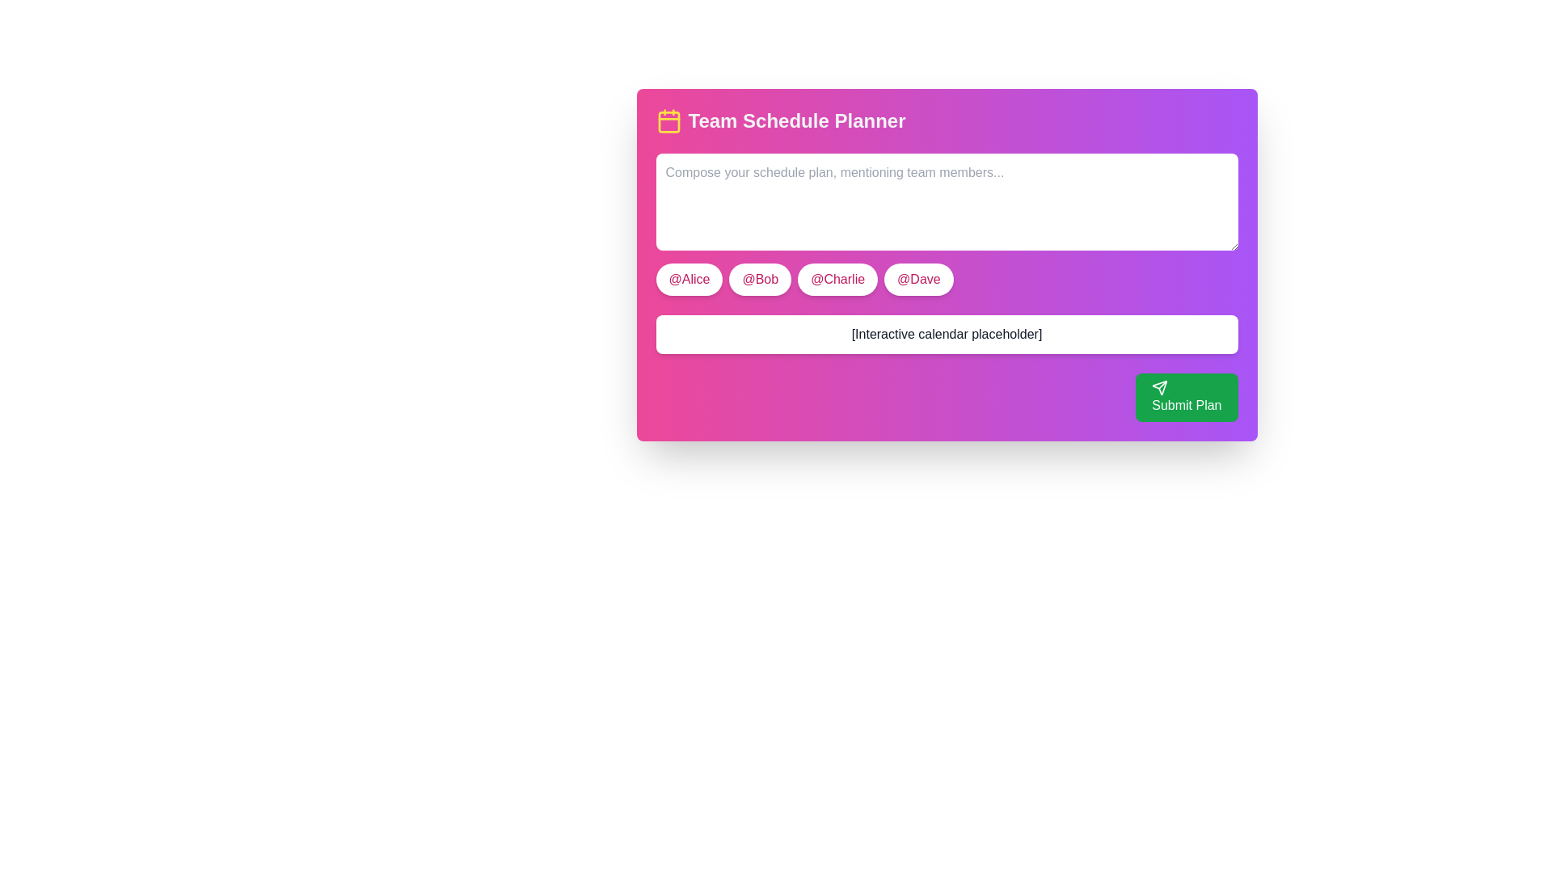  What do you see at coordinates (918, 279) in the screenshot?
I see `the fourth button in the horizontally arranged group, located to the right of '@Charlie'` at bounding box center [918, 279].